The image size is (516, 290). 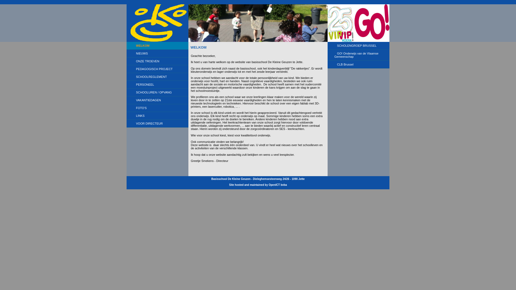 What do you see at coordinates (157, 124) in the screenshot?
I see `'VOOR DIRECTEUR'` at bounding box center [157, 124].